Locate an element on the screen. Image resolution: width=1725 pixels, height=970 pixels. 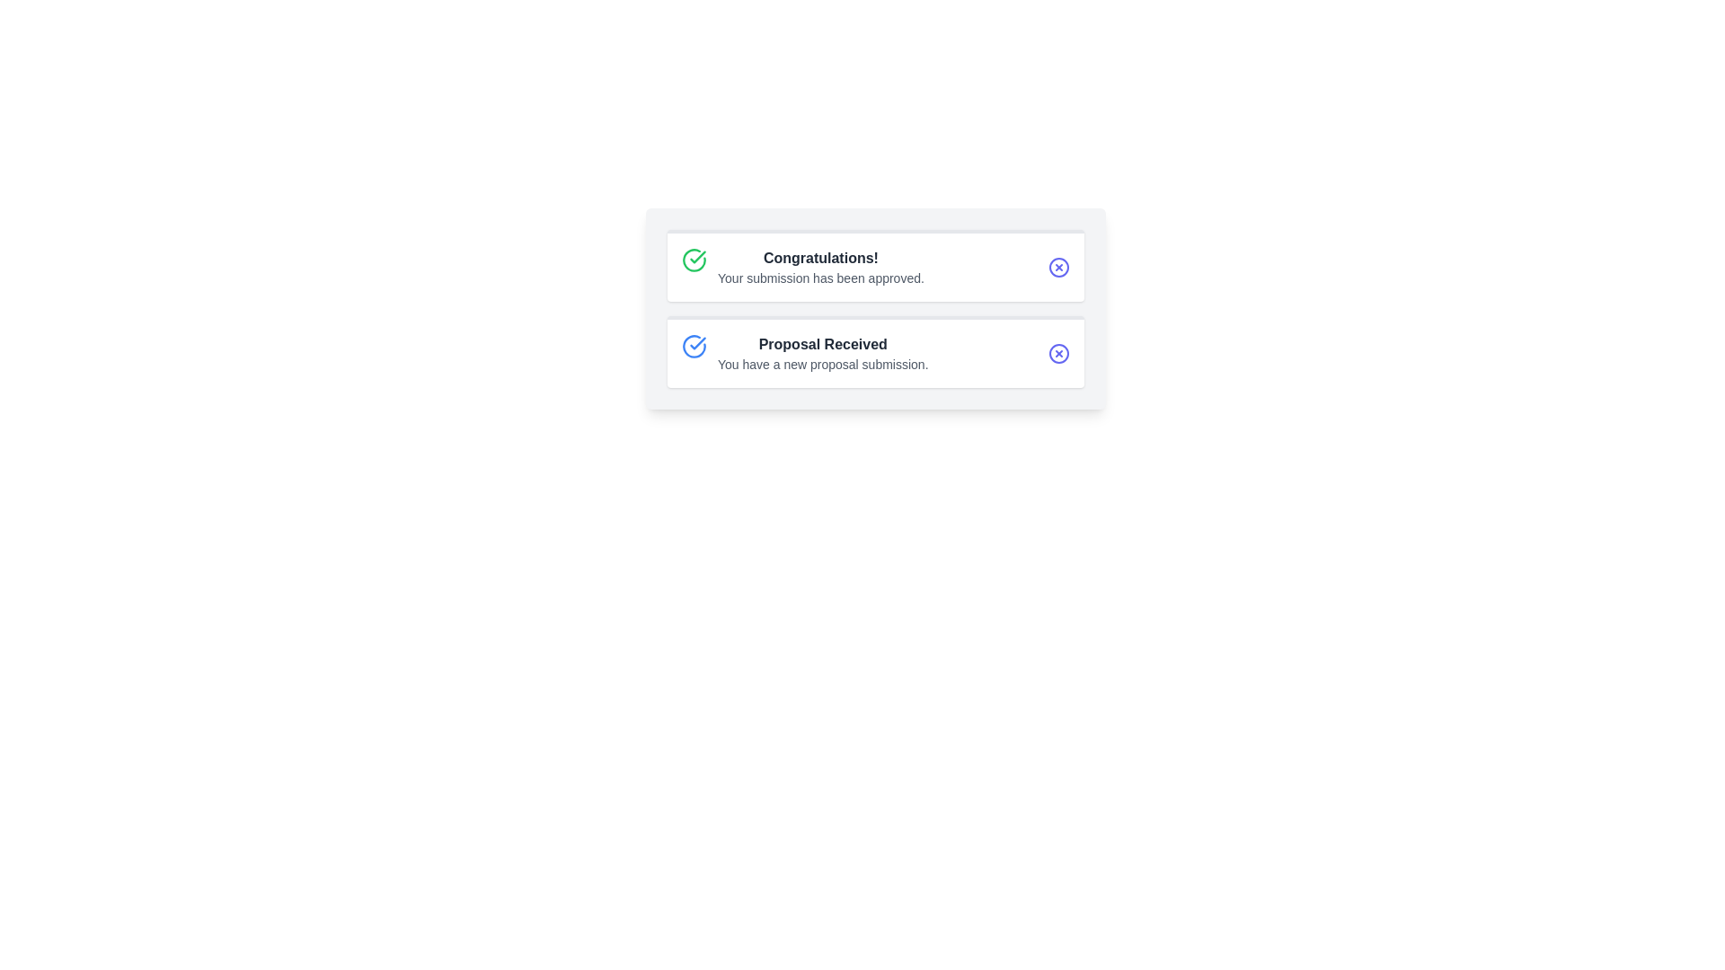
the bold text label displaying 'Congratulations!' in dark gray font at the top of the notification box is located at coordinates (819, 259).